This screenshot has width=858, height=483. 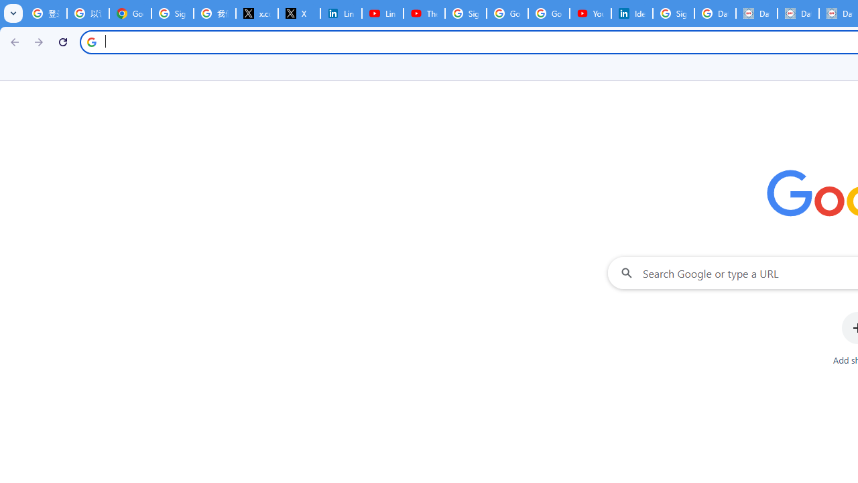 What do you see at coordinates (341, 13) in the screenshot?
I see `'LinkedIn Privacy Policy'` at bounding box center [341, 13].